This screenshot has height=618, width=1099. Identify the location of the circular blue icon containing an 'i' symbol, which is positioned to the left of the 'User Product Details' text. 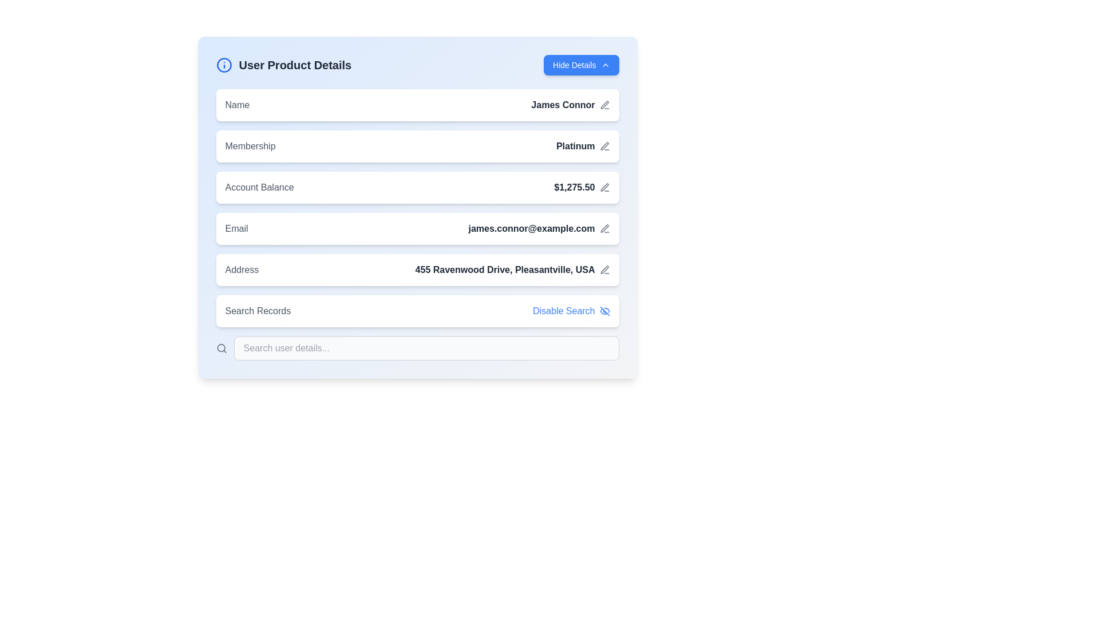
(224, 65).